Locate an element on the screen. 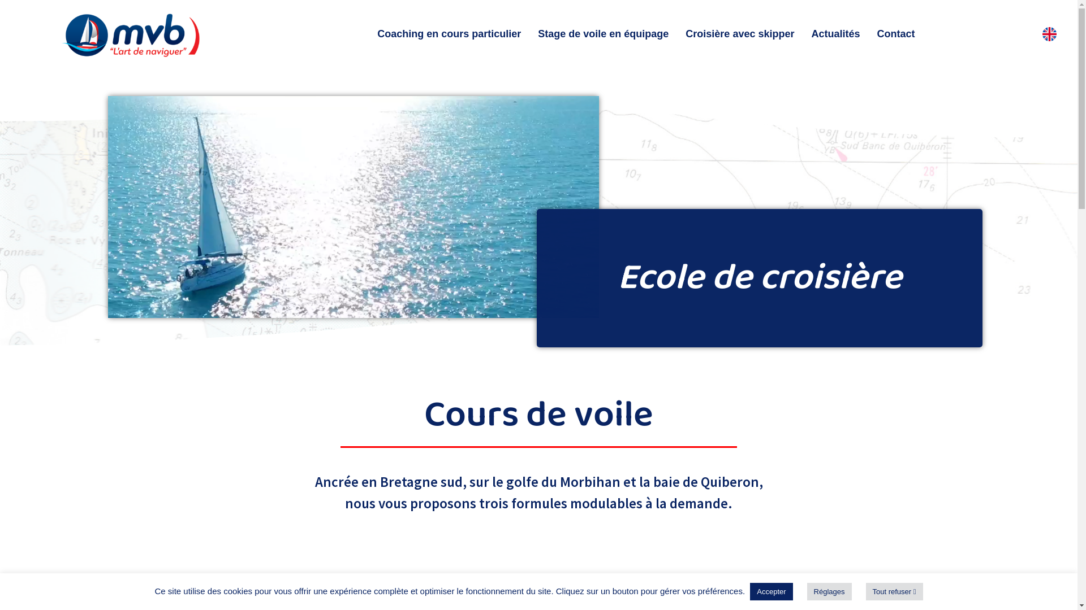  'Coaching en cours particulier' is located at coordinates (448, 33).